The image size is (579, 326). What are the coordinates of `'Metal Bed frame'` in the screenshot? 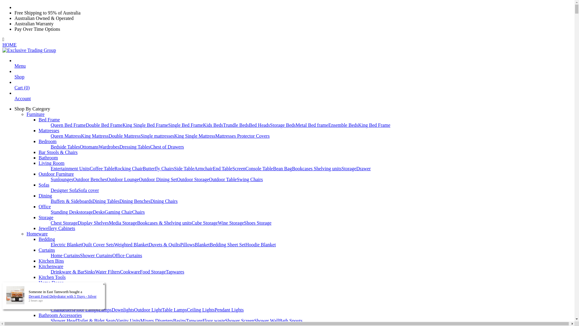 It's located at (312, 125).